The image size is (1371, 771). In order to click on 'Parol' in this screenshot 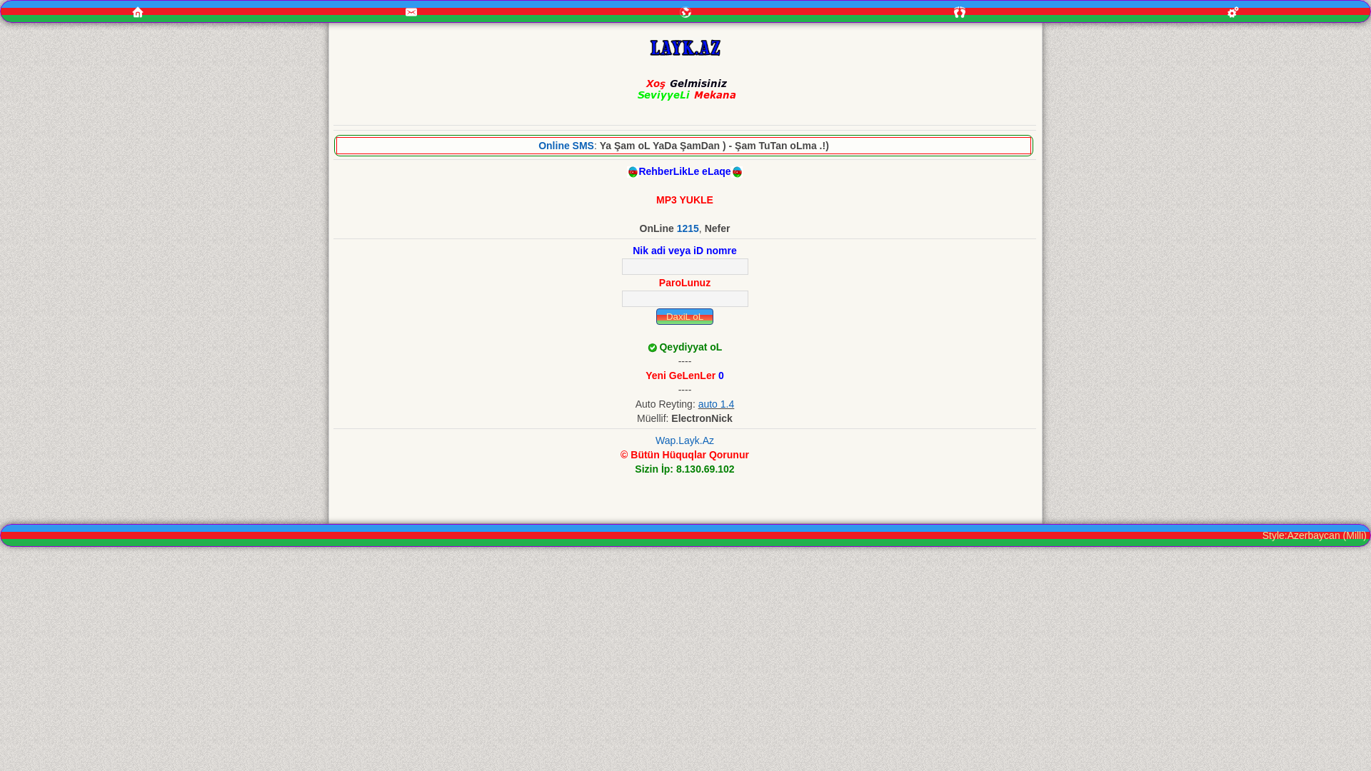, I will do `click(683, 298)`.